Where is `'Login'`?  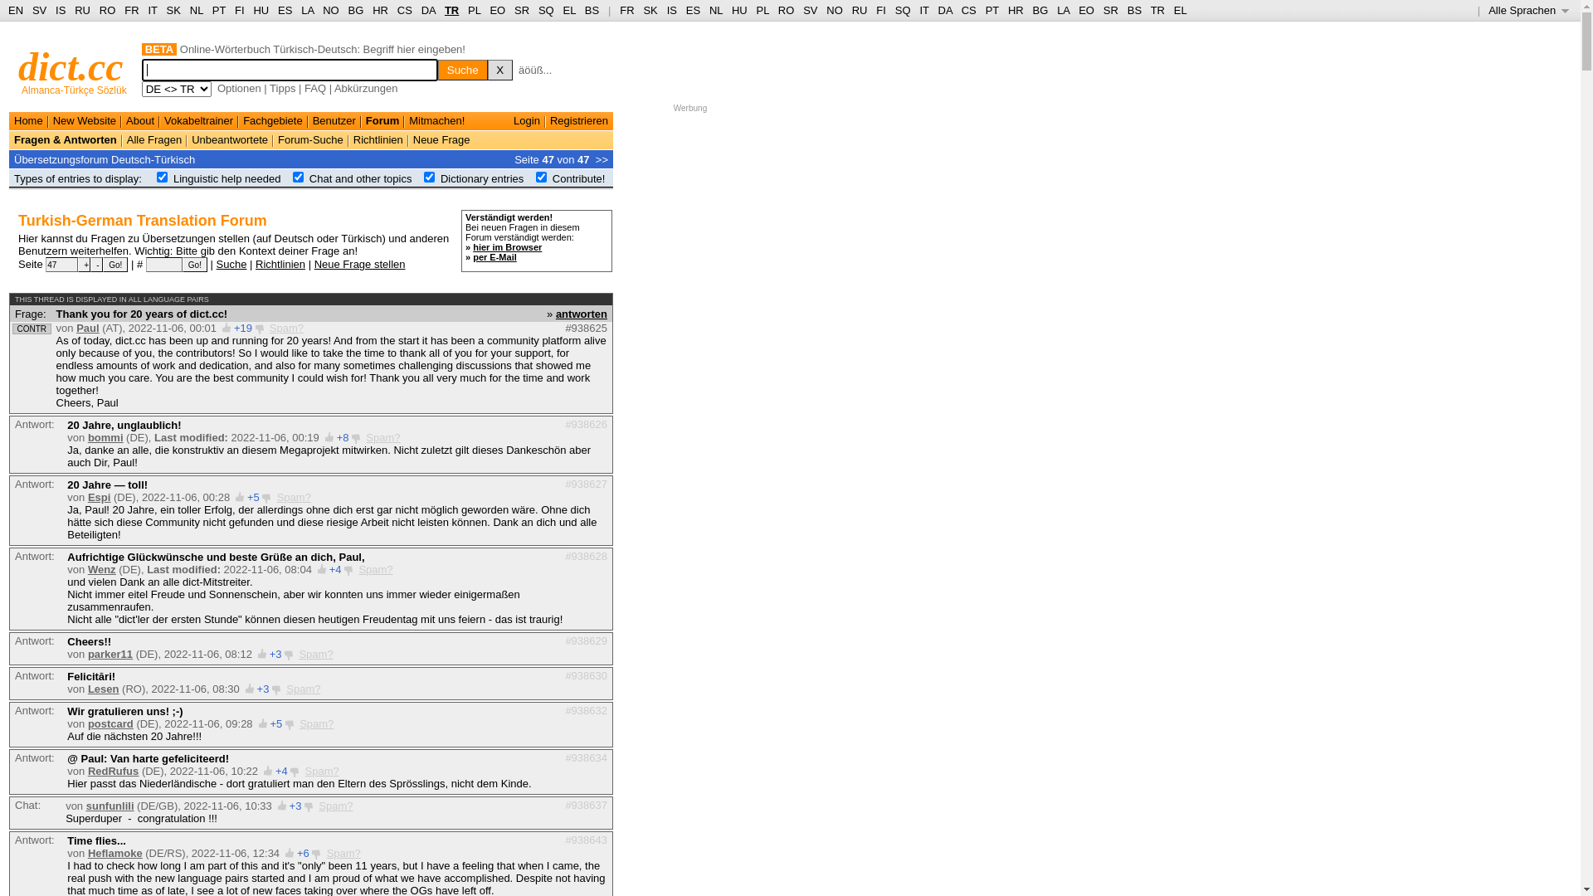
'Login' is located at coordinates (525, 119).